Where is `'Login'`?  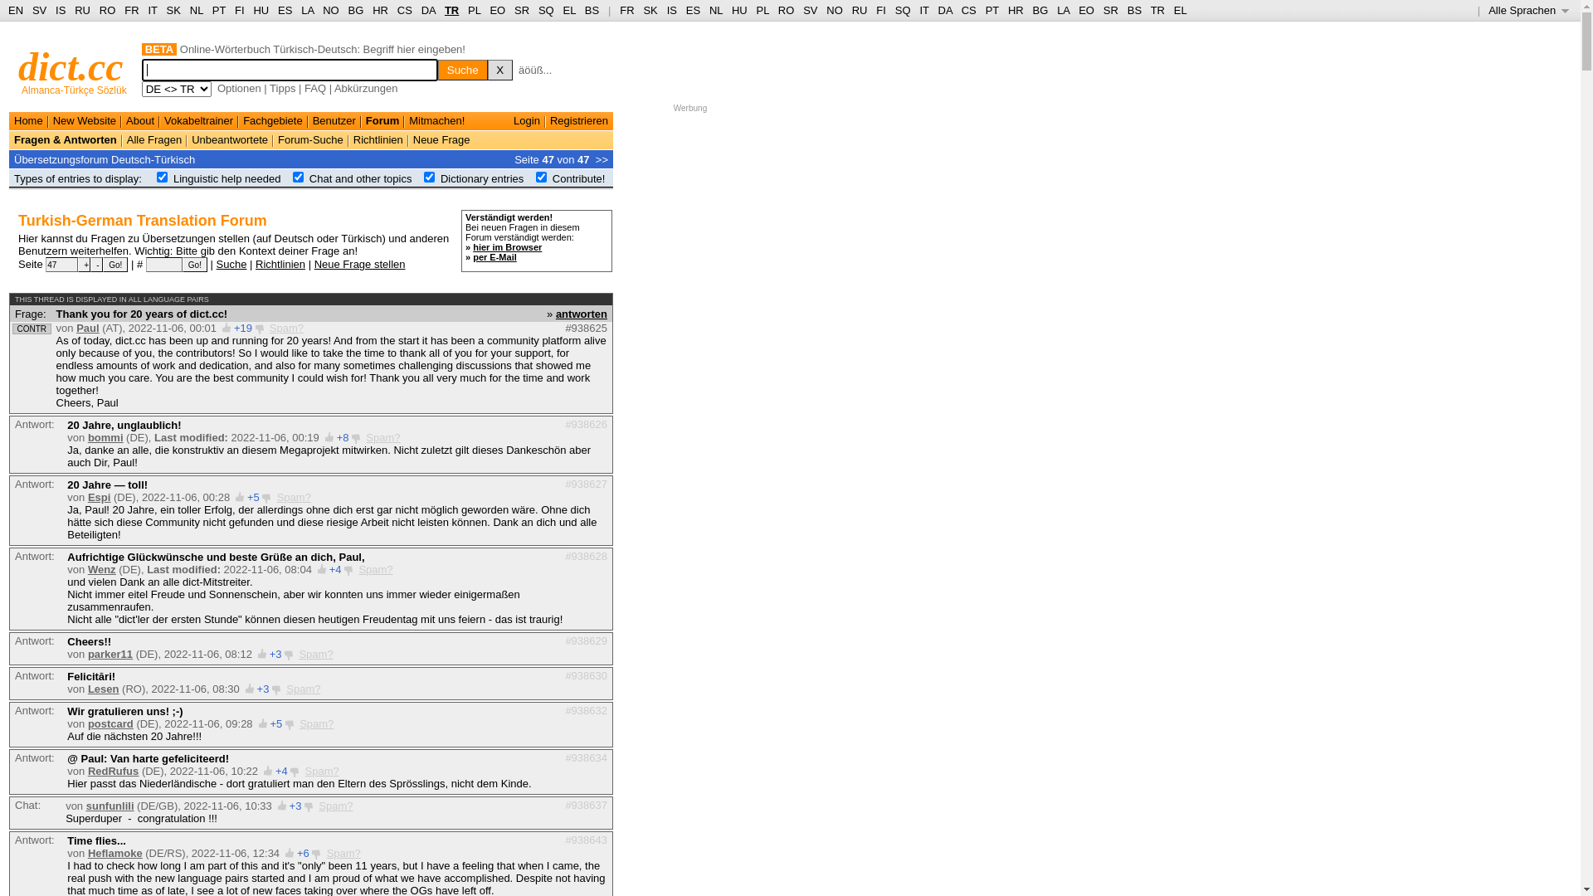
'Login' is located at coordinates (525, 119).